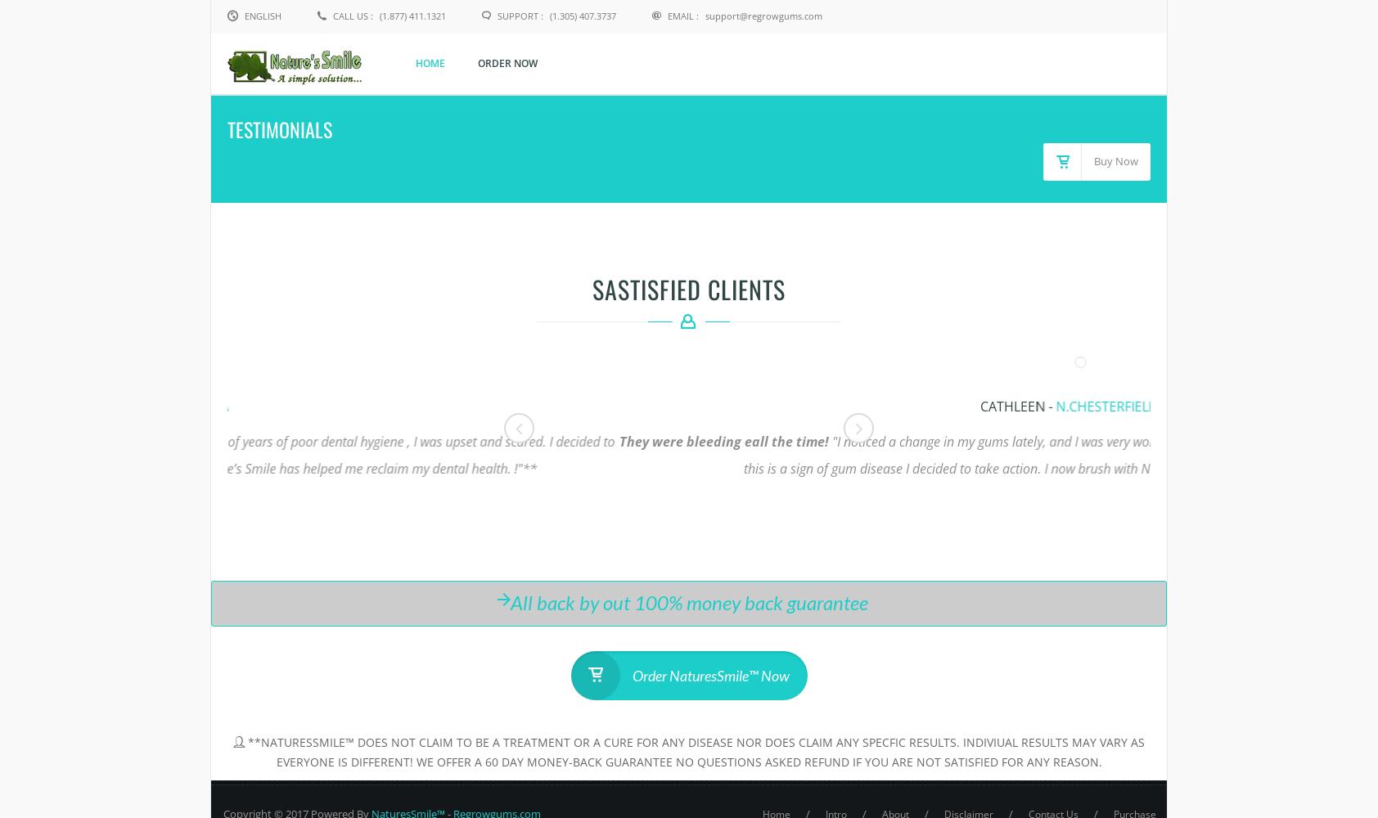 This screenshot has width=1378, height=818. What do you see at coordinates (709, 675) in the screenshot?
I see `'Order NaturesSmile™ Now'` at bounding box center [709, 675].